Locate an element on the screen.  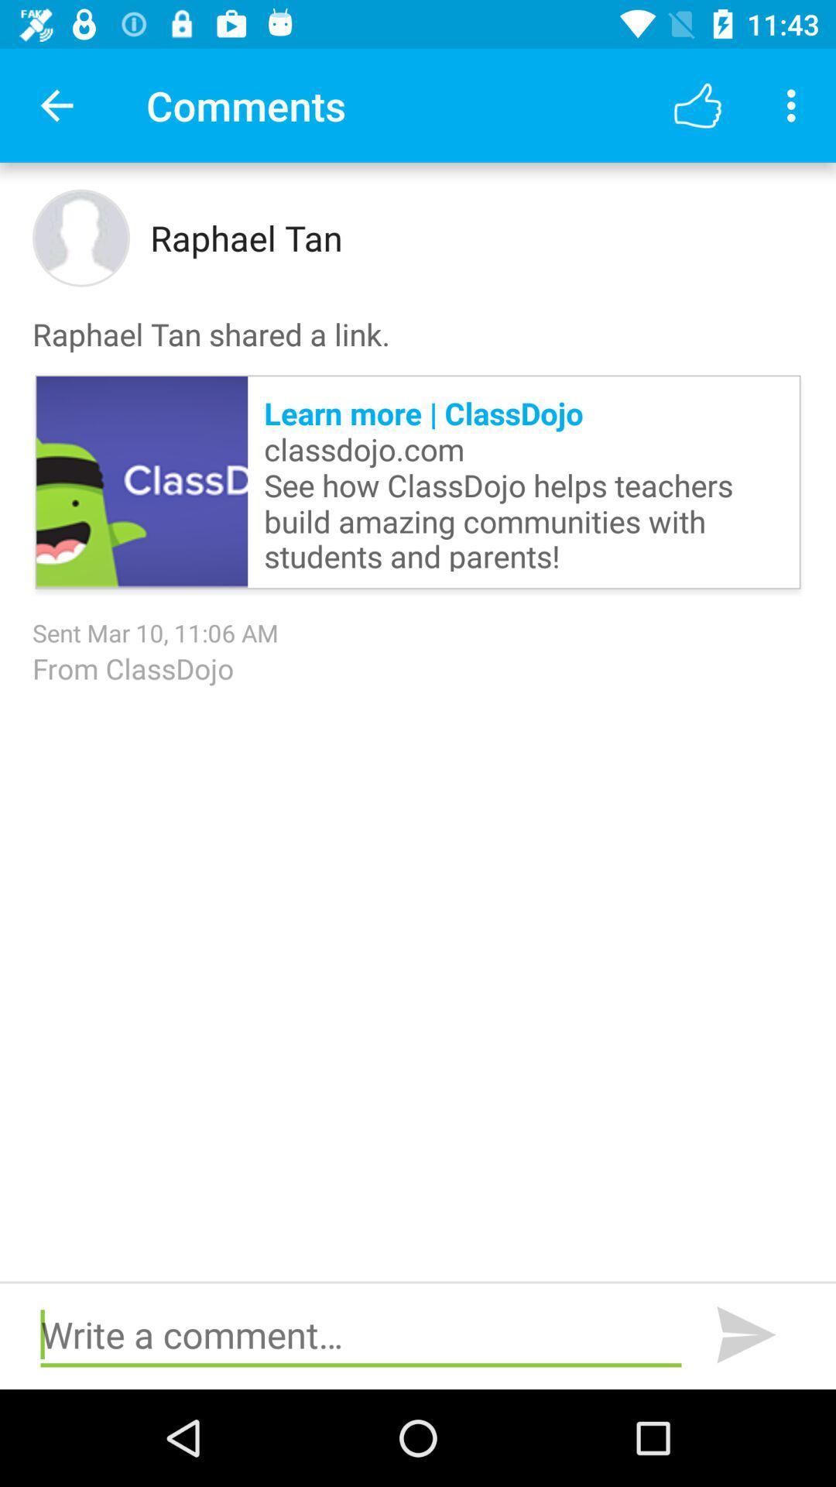
app next to comments icon is located at coordinates (697, 105).